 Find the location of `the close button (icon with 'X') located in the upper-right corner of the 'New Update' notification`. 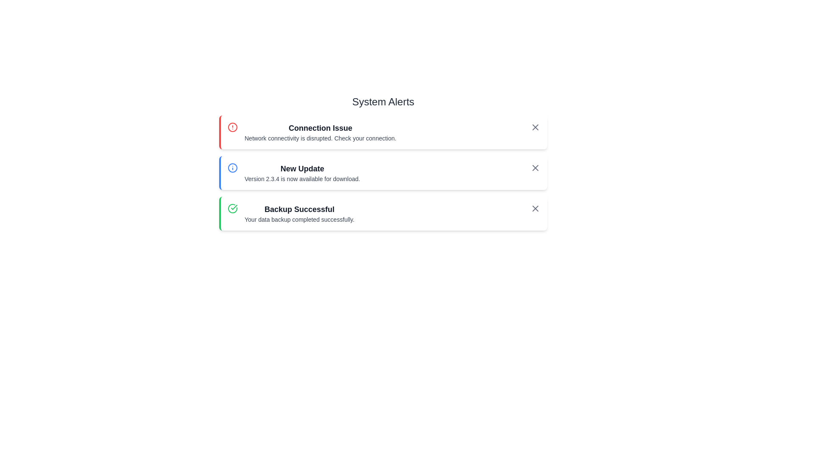

the close button (icon with 'X') located in the upper-right corner of the 'New Update' notification is located at coordinates (535, 168).